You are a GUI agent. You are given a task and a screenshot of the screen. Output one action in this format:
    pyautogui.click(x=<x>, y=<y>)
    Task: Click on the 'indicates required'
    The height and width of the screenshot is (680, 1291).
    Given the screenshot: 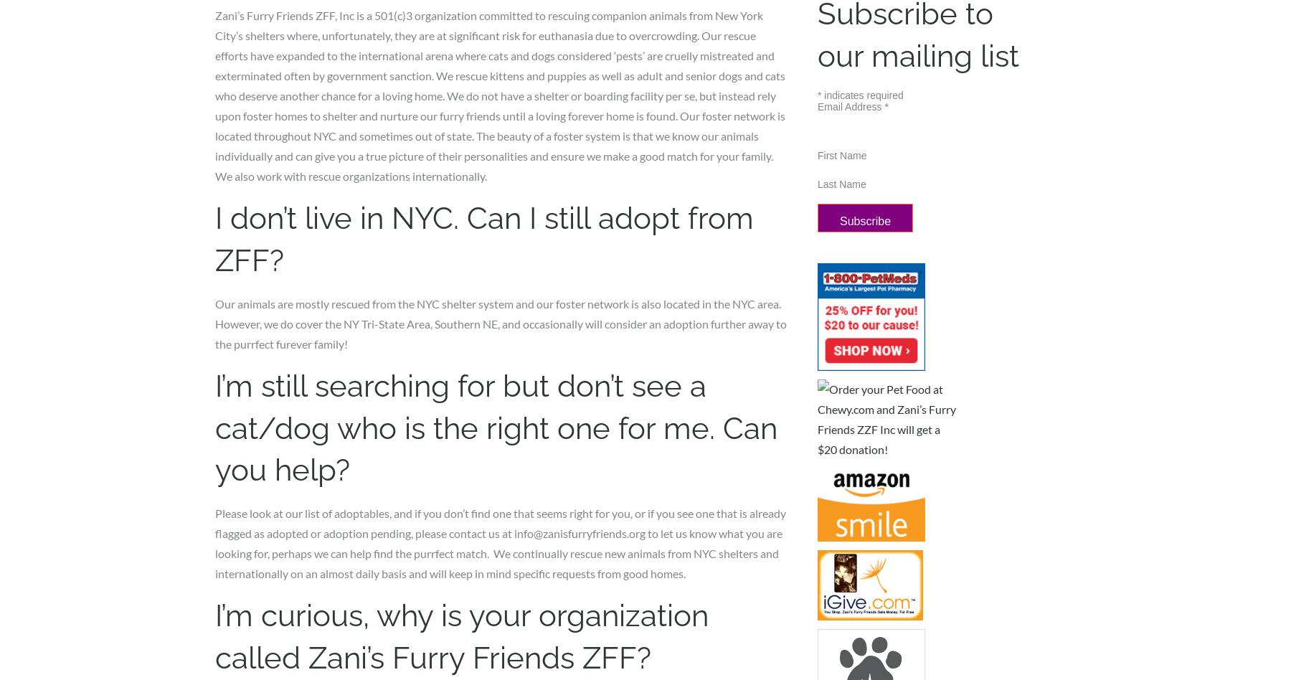 What is the action you would take?
    pyautogui.click(x=861, y=93)
    